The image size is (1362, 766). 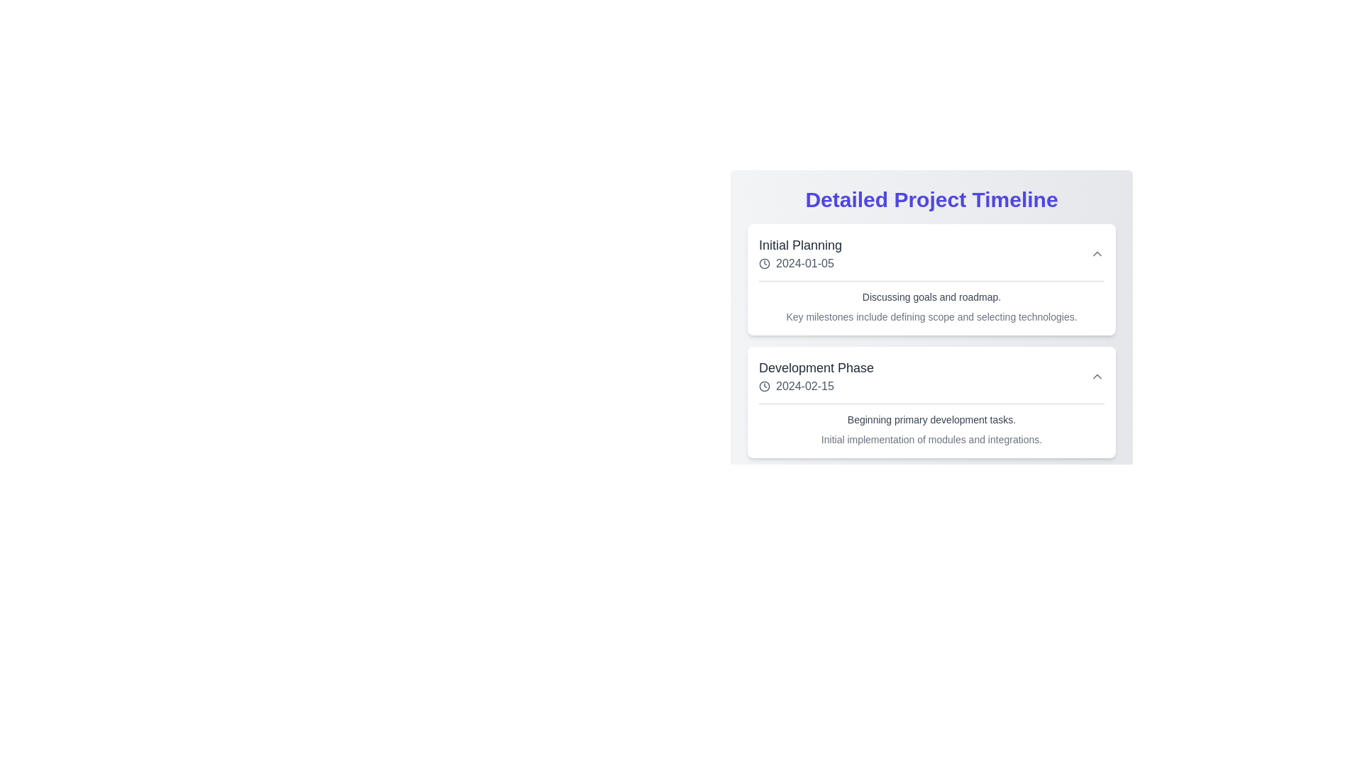 I want to click on the text label displaying 'Development Phase' which is in a large, bold font and gray color, located above the date '2024-02-15' in the timeline component, so click(x=816, y=367).